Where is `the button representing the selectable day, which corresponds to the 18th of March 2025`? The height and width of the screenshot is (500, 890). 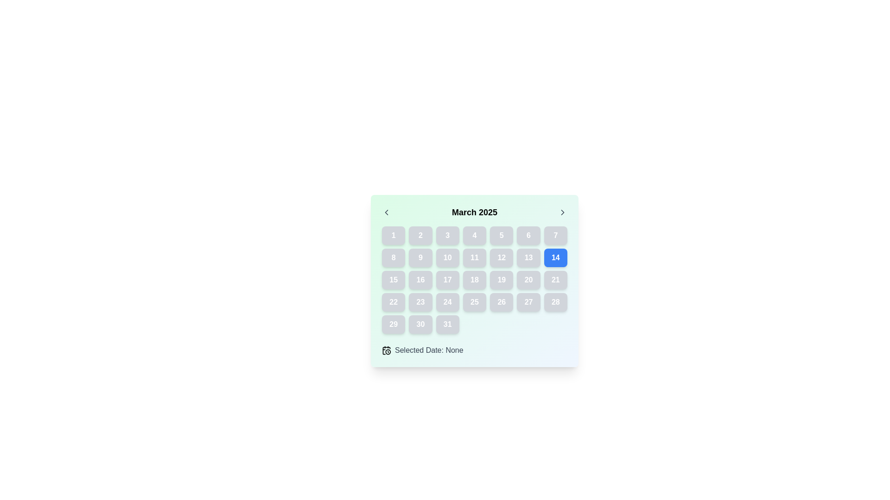
the button representing the selectable day, which corresponds to the 18th of March 2025 is located at coordinates (474, 280).